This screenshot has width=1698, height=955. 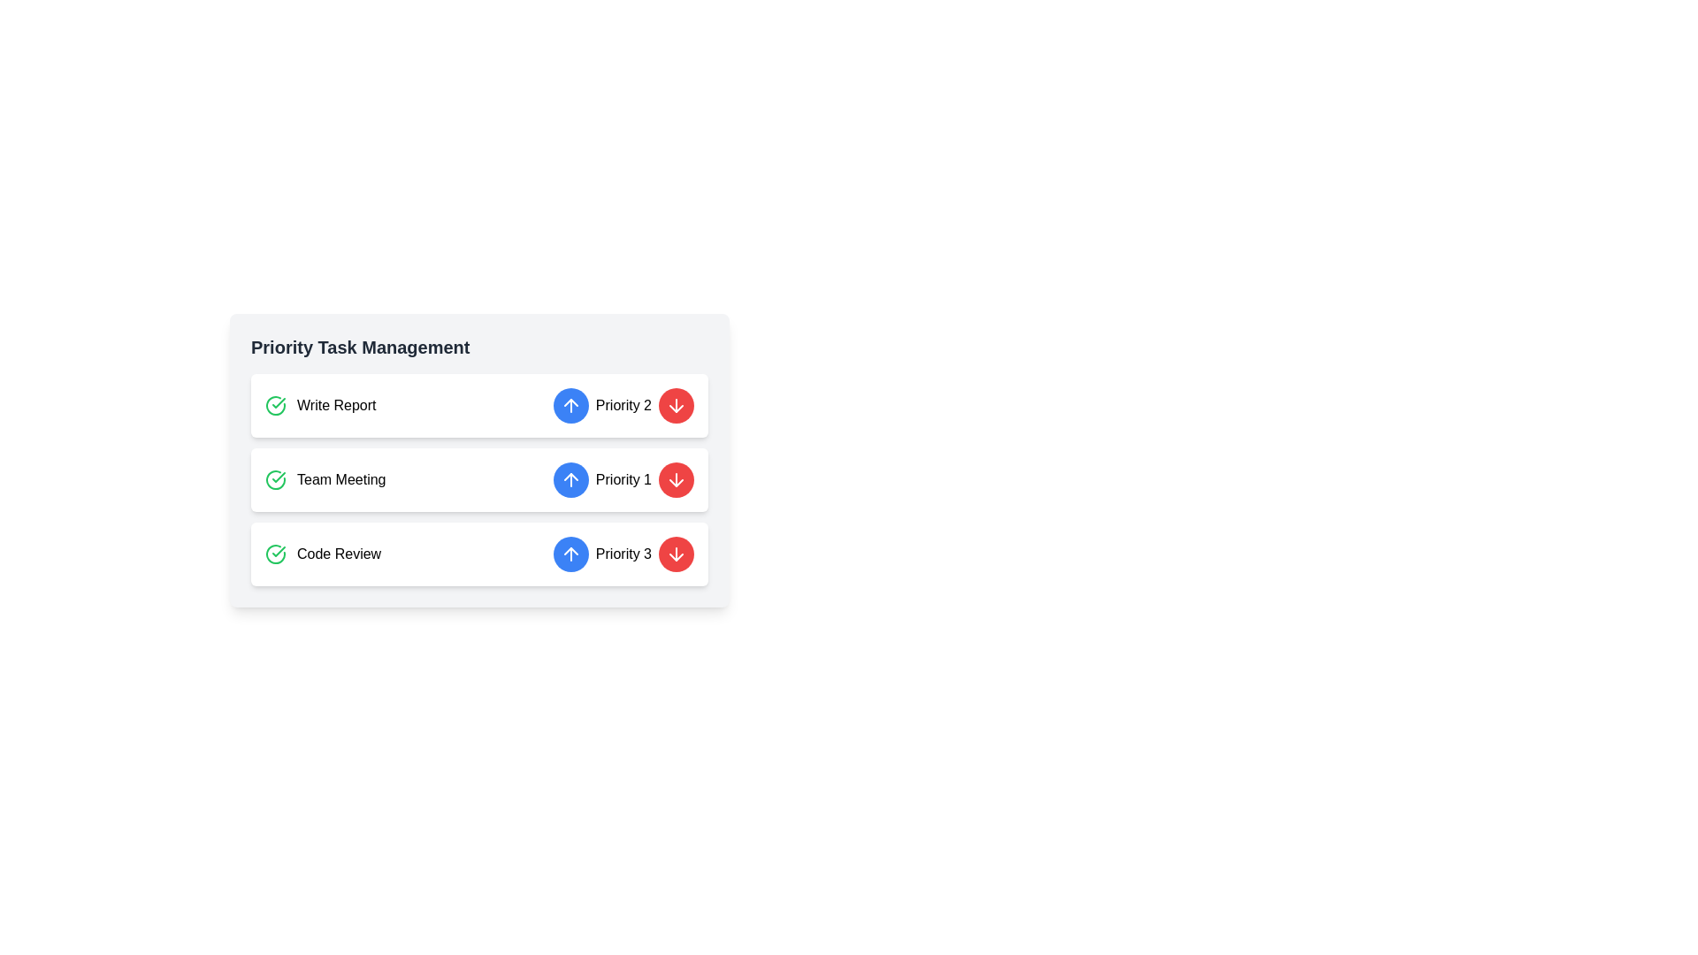 What do you see at coordinates (675, 480) in the screenshot?
I see `the downward-facing arrow button with a red background and white graphic strokes, which is the rightmost item in the button group next to the 'Priority 1' text in the 'Team Meeting' row of the 'Priority Task Management' component` at bounding box center [675, 480].